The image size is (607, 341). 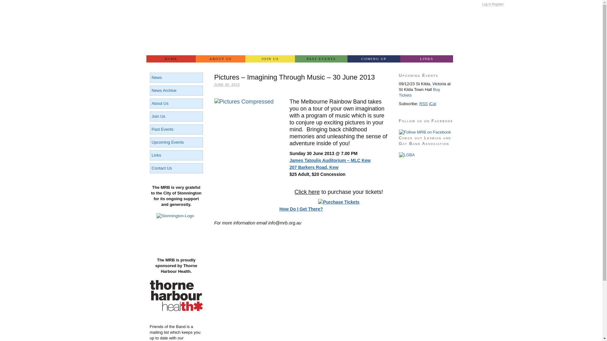 I want to click on 'iCal', so click(x=432, y=103).